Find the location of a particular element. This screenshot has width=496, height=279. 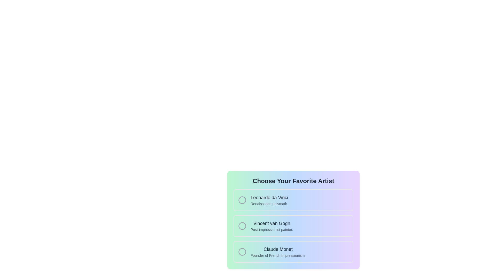

the radio button indicating the option 'Vincent van Gogh' is located at coordinates (242, 226).